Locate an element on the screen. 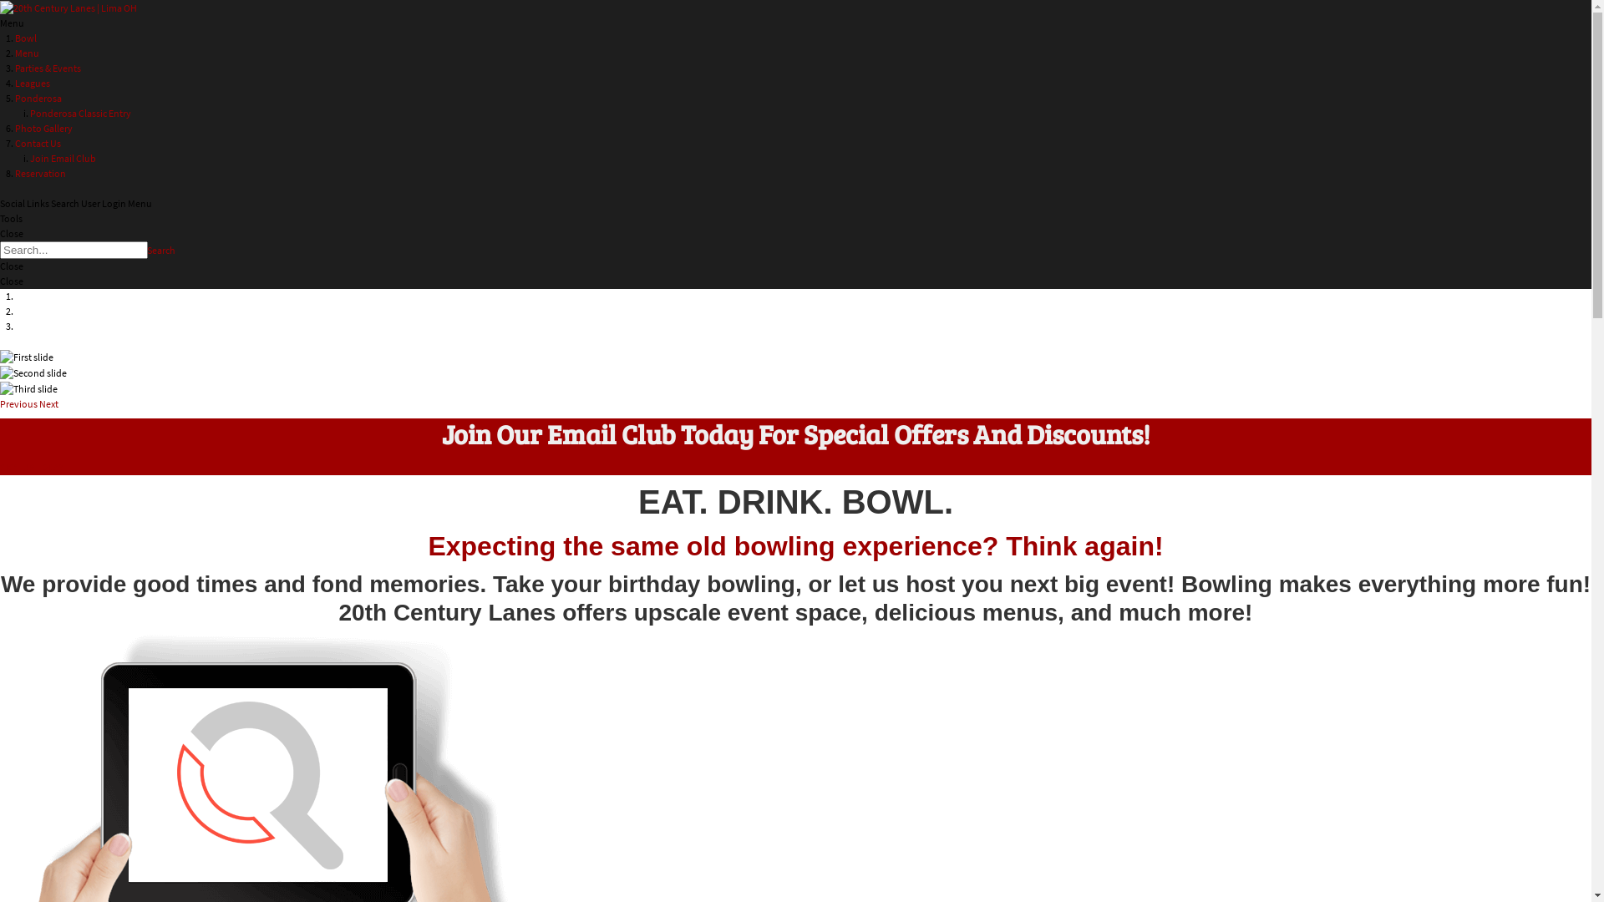 This screenshot has height=902, width=1604. '20th Century Lanes | Lima OH' is located at coordinates (67, 7).